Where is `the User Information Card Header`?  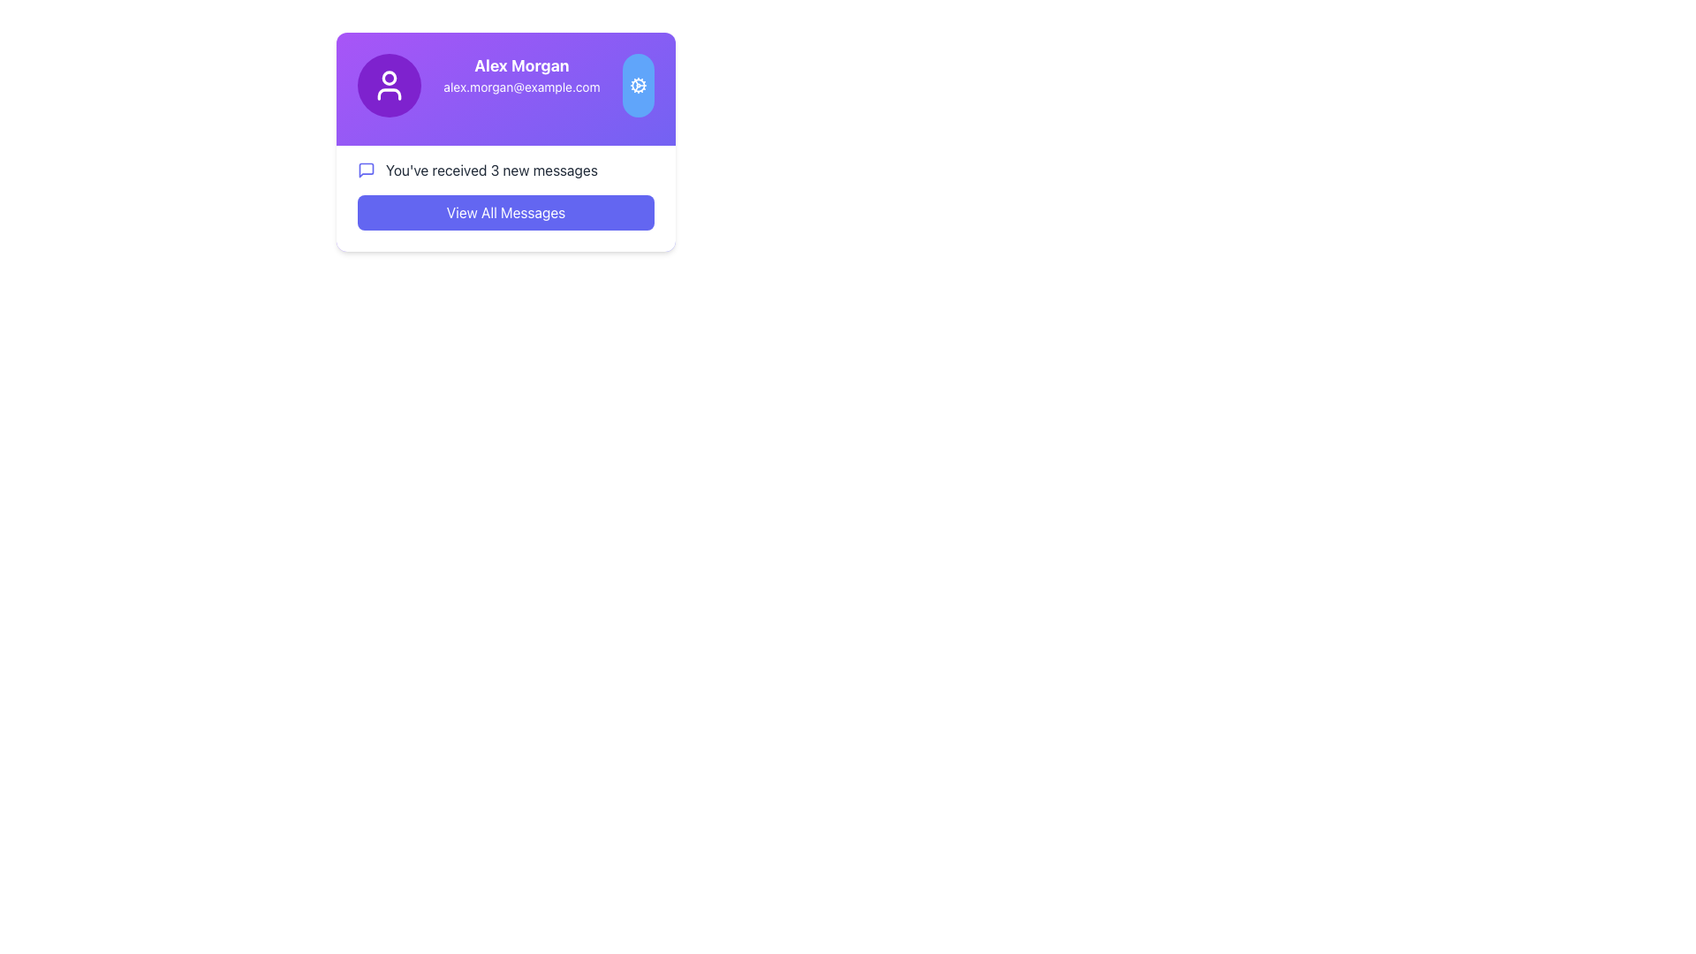
the User Information Card Header is located at coordinates (504, 85).